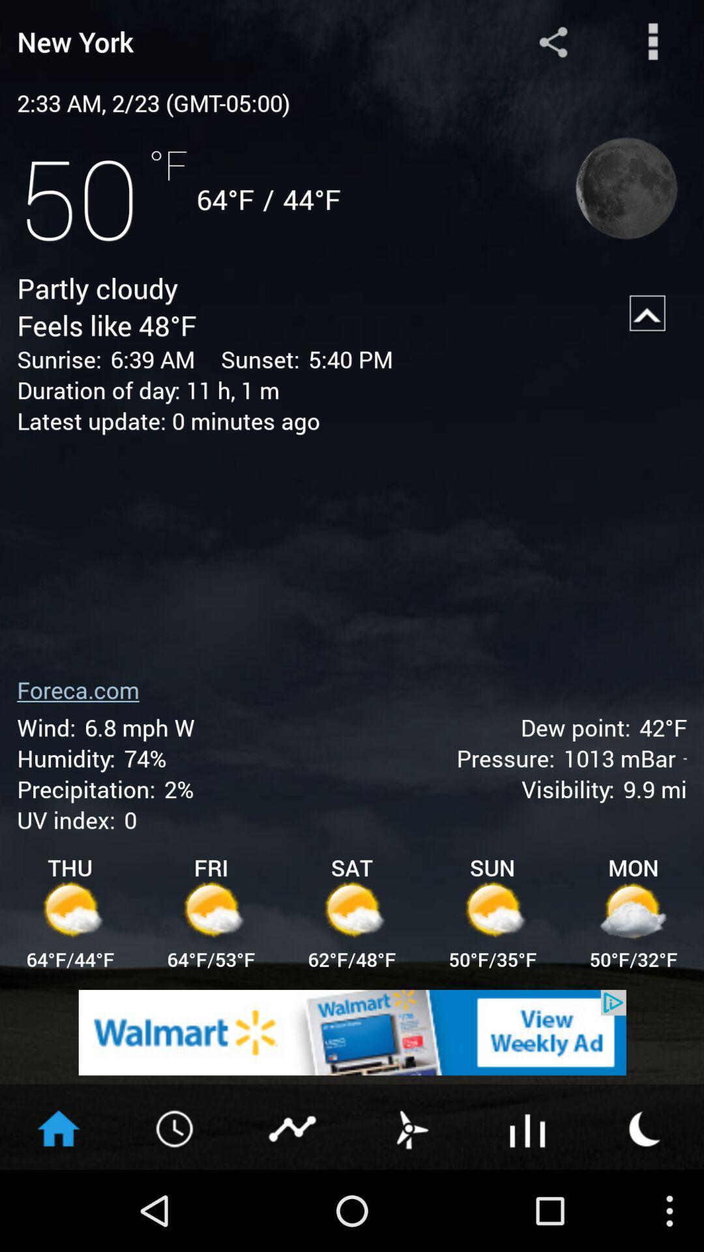 The image size is (704, 1252). I want to click on icone, so click(352, 1032).